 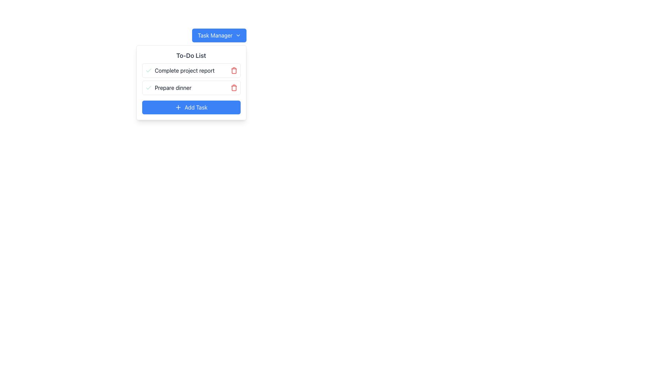 What do you see at coordinates (178, 107) in the screenshot?
I see `the 'Add Task' button which features a white plus sign icon against a blue background for visual feedback` at bounding box center [178, 107].